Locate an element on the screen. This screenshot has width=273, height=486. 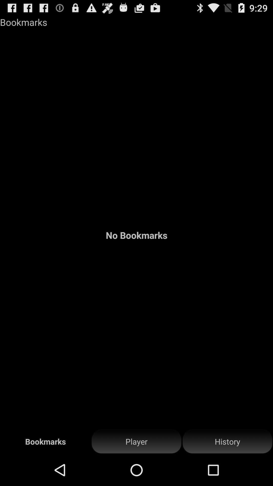
the history item is located at coordinates (227, 441).